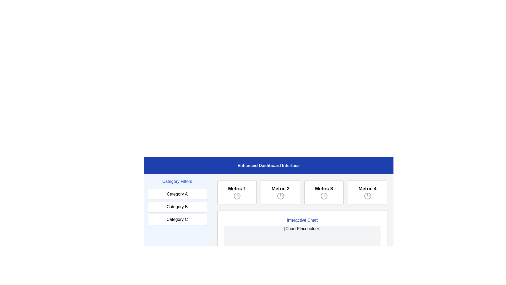 This screenshot has width=506, height=285. What do you see at coordinates (268, 165) in the screenshot?
I see `text of the title or header element located at the top of the dashboard interface, which spans the full width and is centered above the 'Category Filters' and metrics sections` at bounding box center [268, 165].